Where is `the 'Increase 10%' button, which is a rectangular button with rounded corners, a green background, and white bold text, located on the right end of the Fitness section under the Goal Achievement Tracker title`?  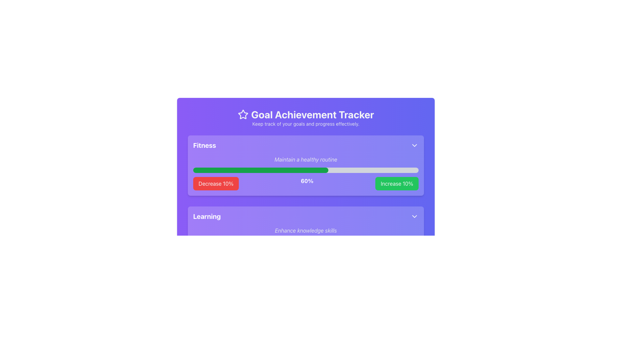 the 'Increase 10%' button, which is a rectangular button with rounded corners, a green background, and white bold text, located on the right end of the Fitness section under the Goal Achievement Tracker title is located at coordinates (397, 183).